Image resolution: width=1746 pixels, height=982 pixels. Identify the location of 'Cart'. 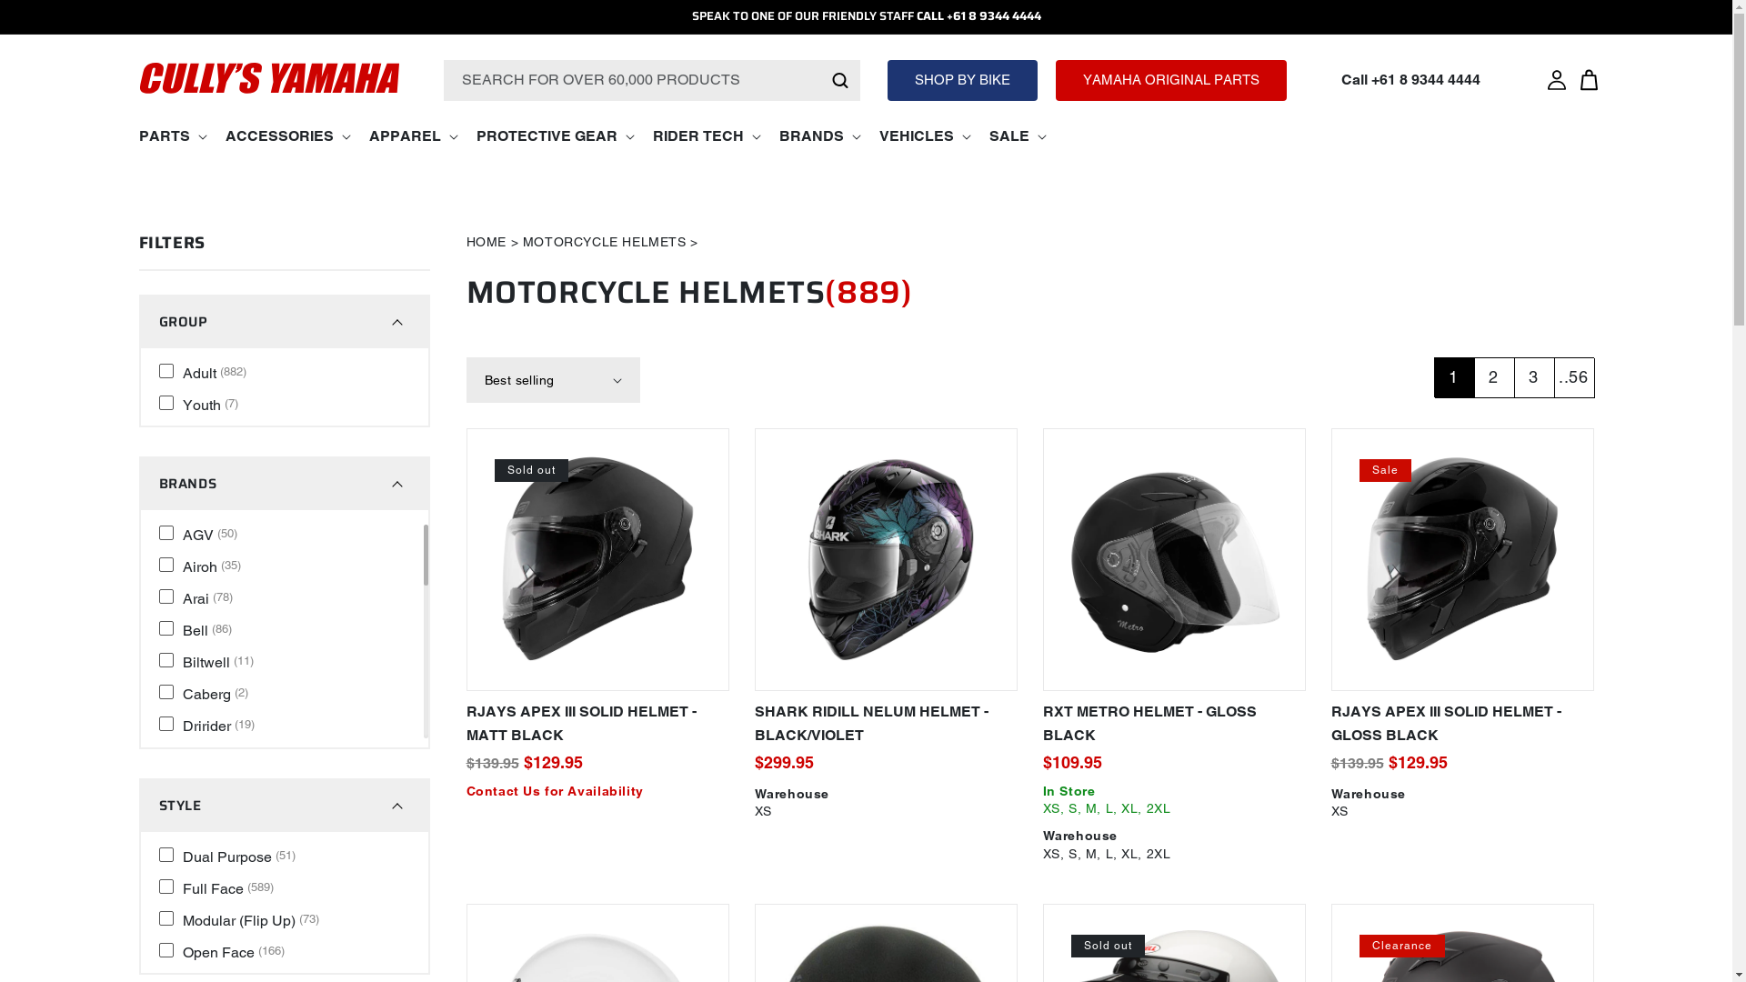
(1588, 79).